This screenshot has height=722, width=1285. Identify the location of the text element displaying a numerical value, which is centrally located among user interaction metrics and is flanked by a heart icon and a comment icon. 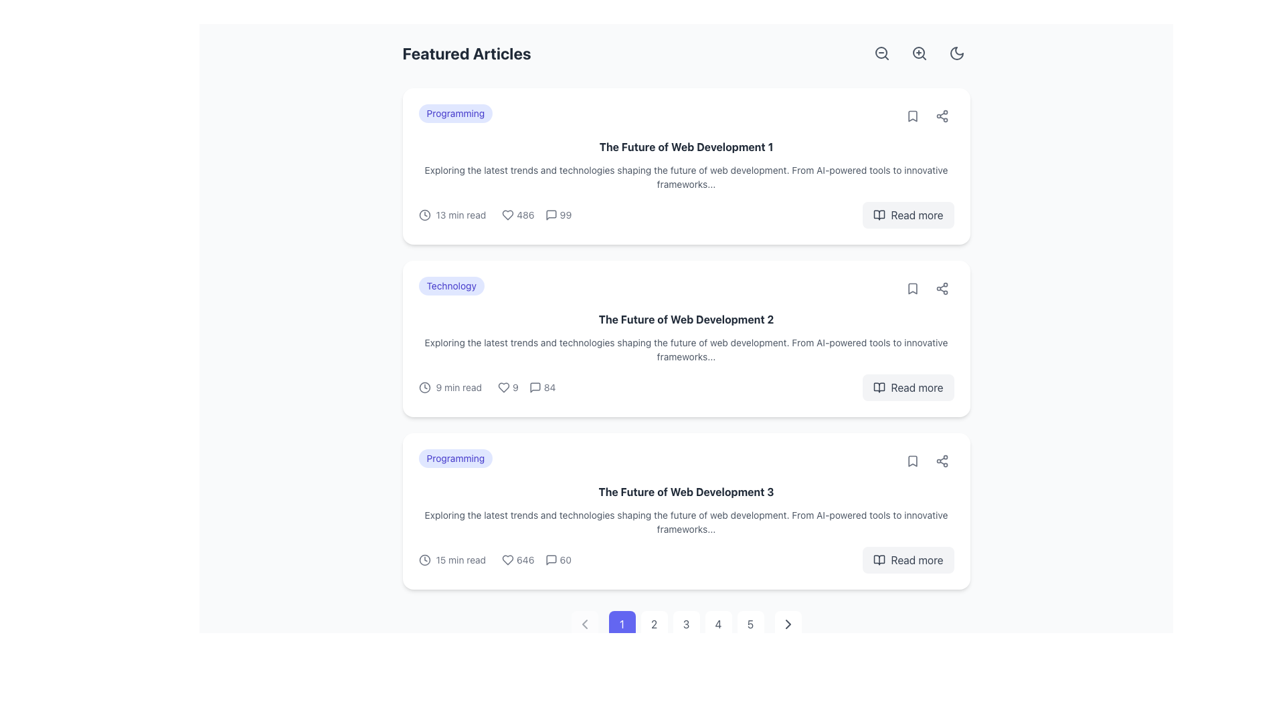
(536, 560).